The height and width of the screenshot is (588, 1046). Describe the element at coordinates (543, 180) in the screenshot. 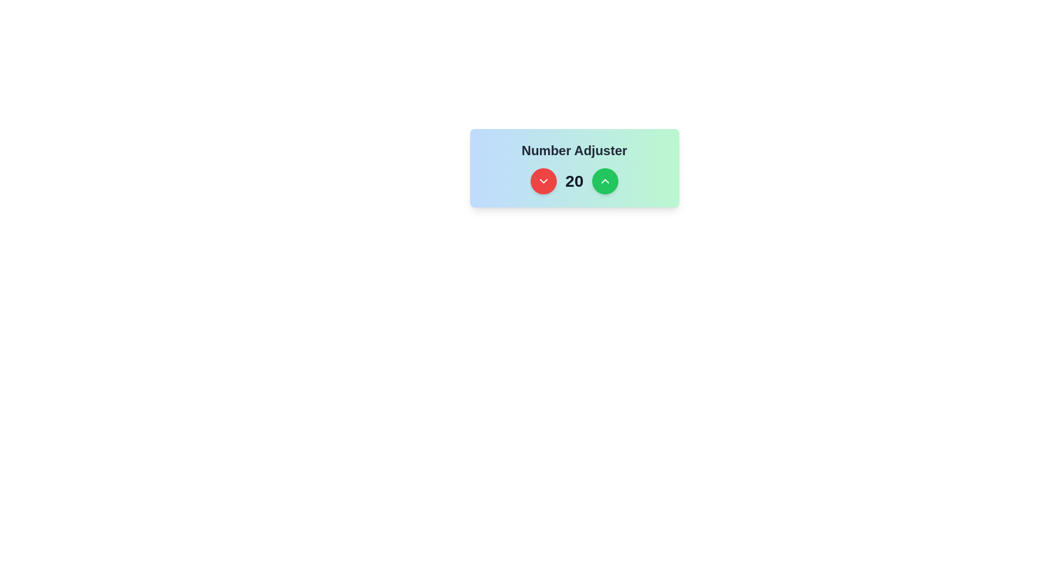

I see `the leftmost circular red button with a white downward-pointing chevron icon to decrease the number` at that location.